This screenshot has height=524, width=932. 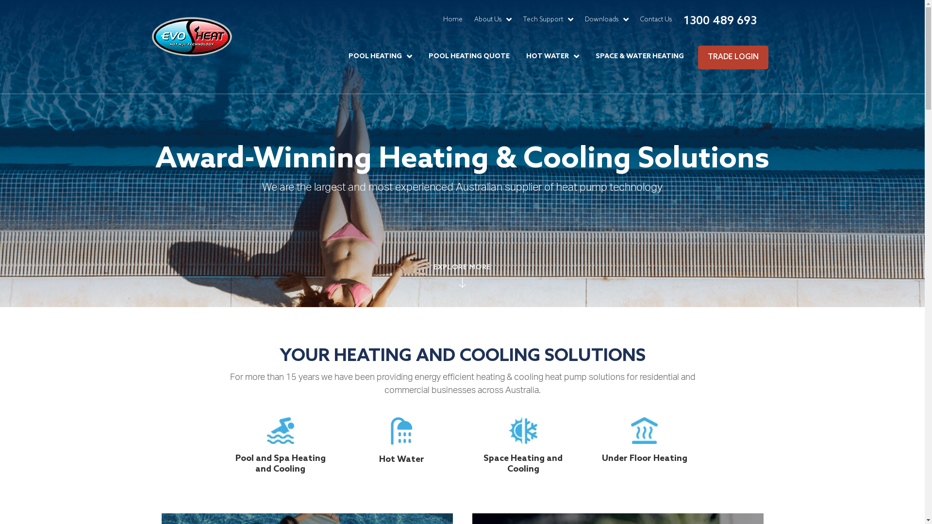 I want to click on 'Under Floor Heating', so click(x=645, y=458).